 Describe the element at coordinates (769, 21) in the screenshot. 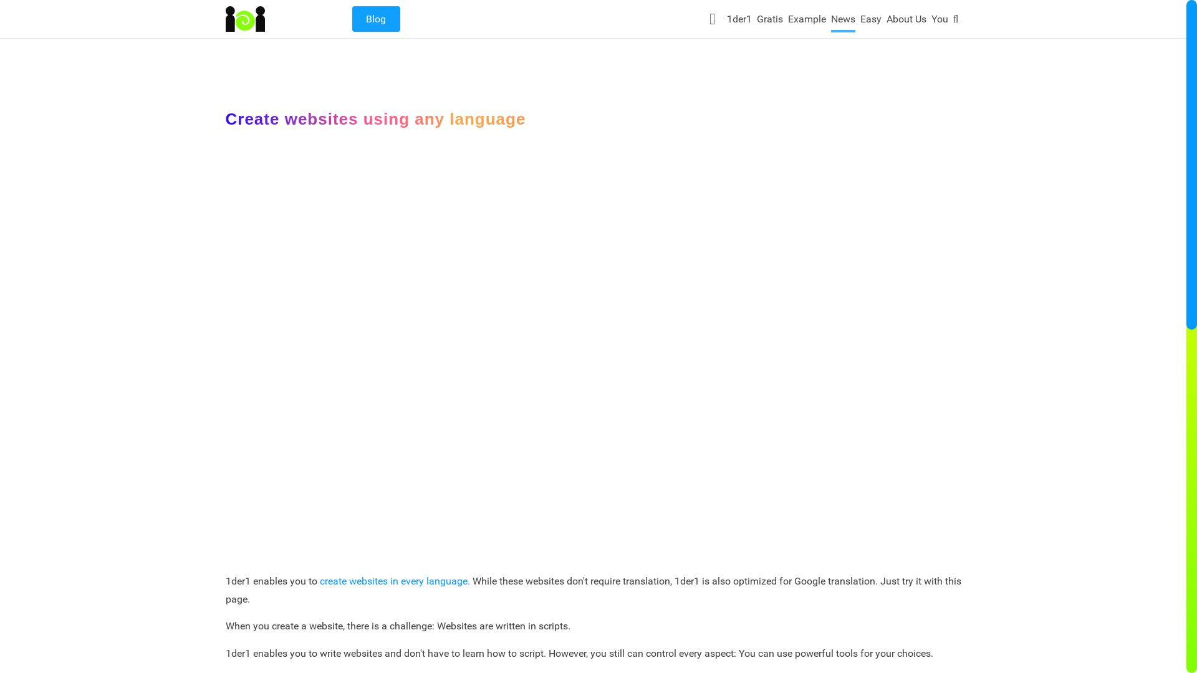

I see `'Gratis'` at that location.